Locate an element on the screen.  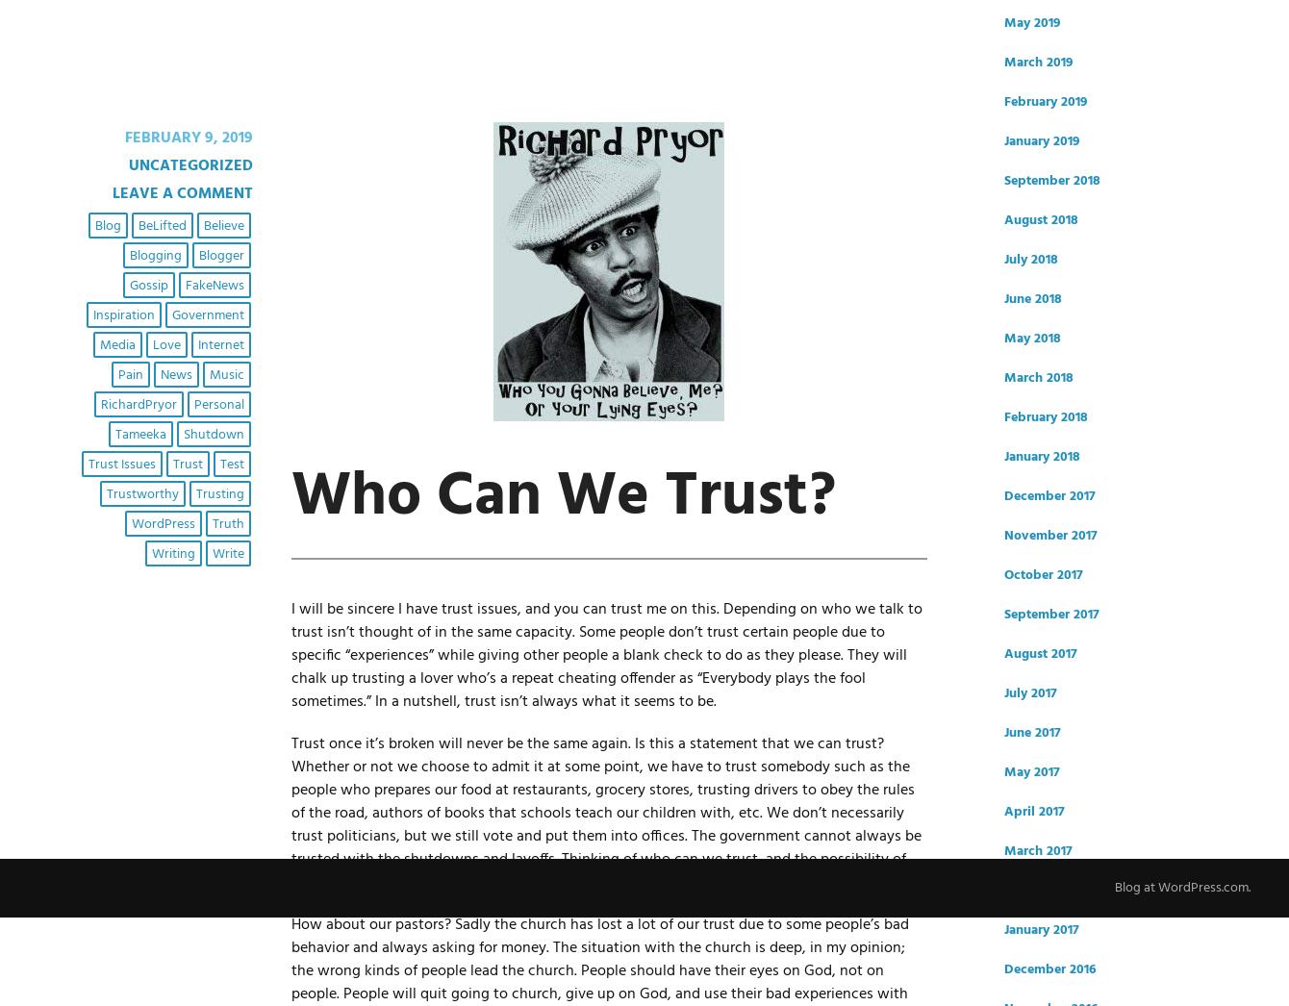
'January 2019' is located at coordinates (1041, 140).